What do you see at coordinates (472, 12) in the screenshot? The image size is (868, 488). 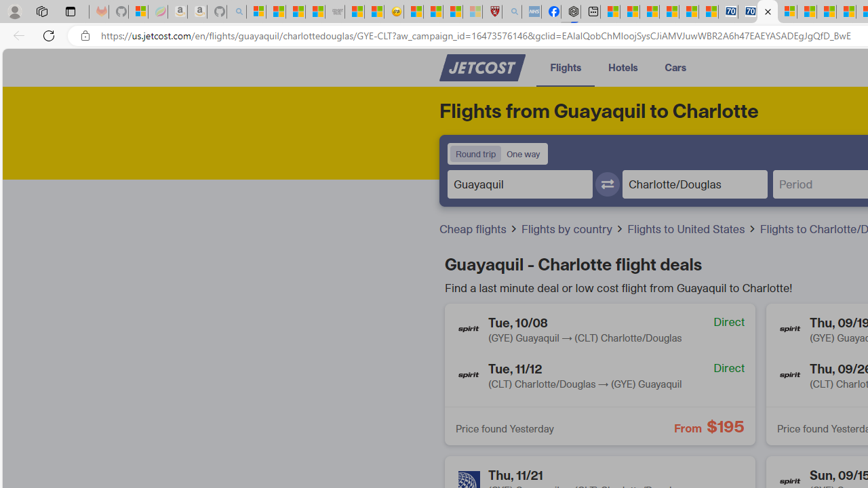 I see `'12 Popular Science Lies that Must be Corrected - Sleeping'` at bounding box center [472, 12].